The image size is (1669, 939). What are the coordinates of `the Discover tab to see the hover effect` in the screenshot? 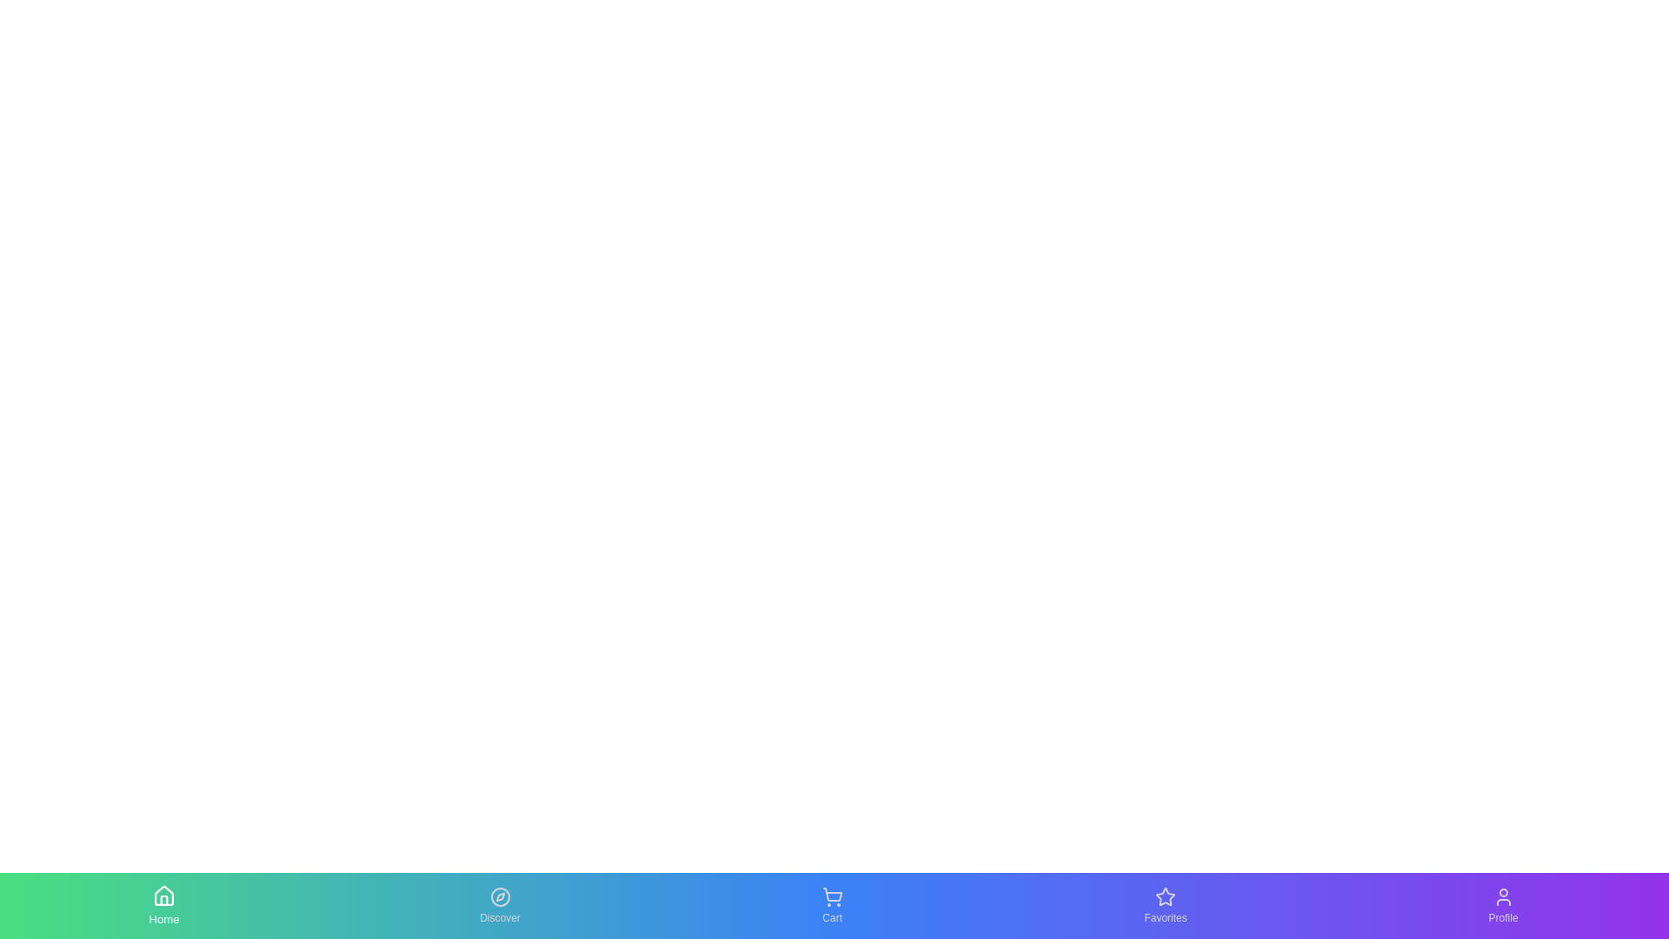 It's located at (499, 904).